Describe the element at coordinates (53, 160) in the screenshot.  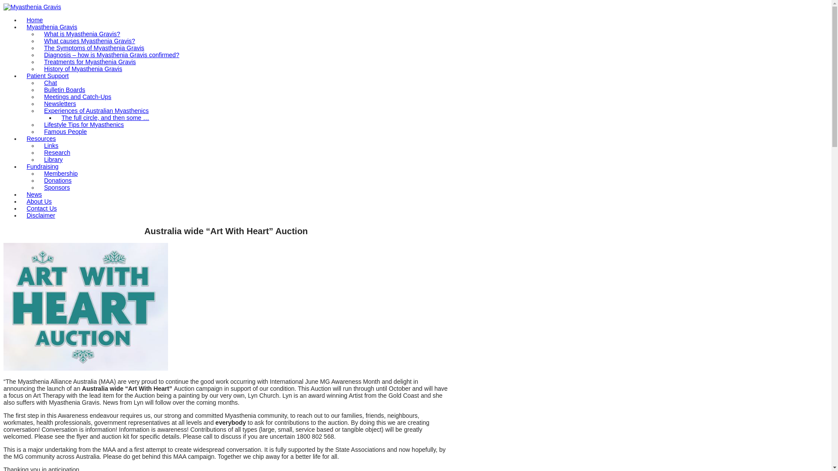
I see `'Library'` at that location.